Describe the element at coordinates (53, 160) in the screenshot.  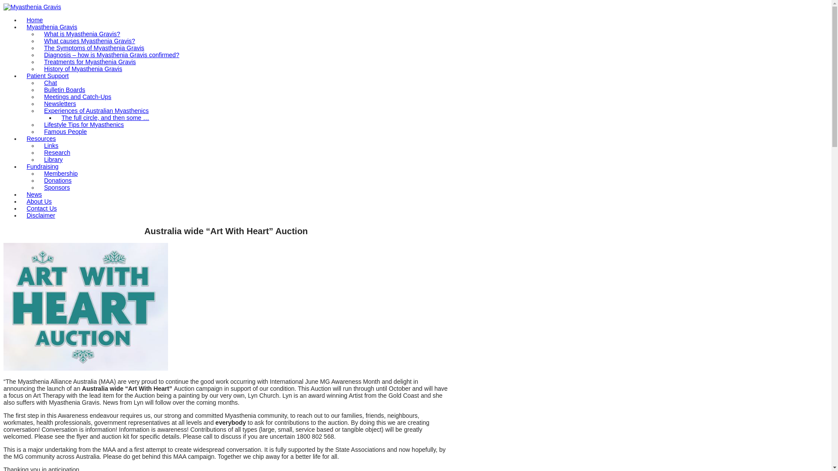
I see `'Library'` at that location.